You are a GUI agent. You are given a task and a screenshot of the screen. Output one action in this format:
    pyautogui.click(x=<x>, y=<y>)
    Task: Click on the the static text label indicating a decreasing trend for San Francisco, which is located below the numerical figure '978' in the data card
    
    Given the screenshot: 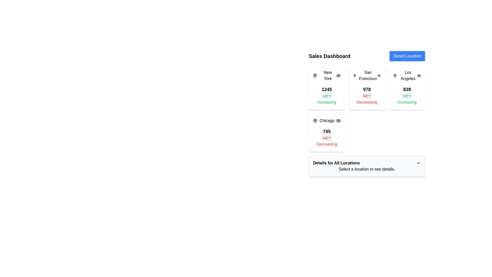 What is the action you would take?
    pyautogui.click(x=366, y=99)
    